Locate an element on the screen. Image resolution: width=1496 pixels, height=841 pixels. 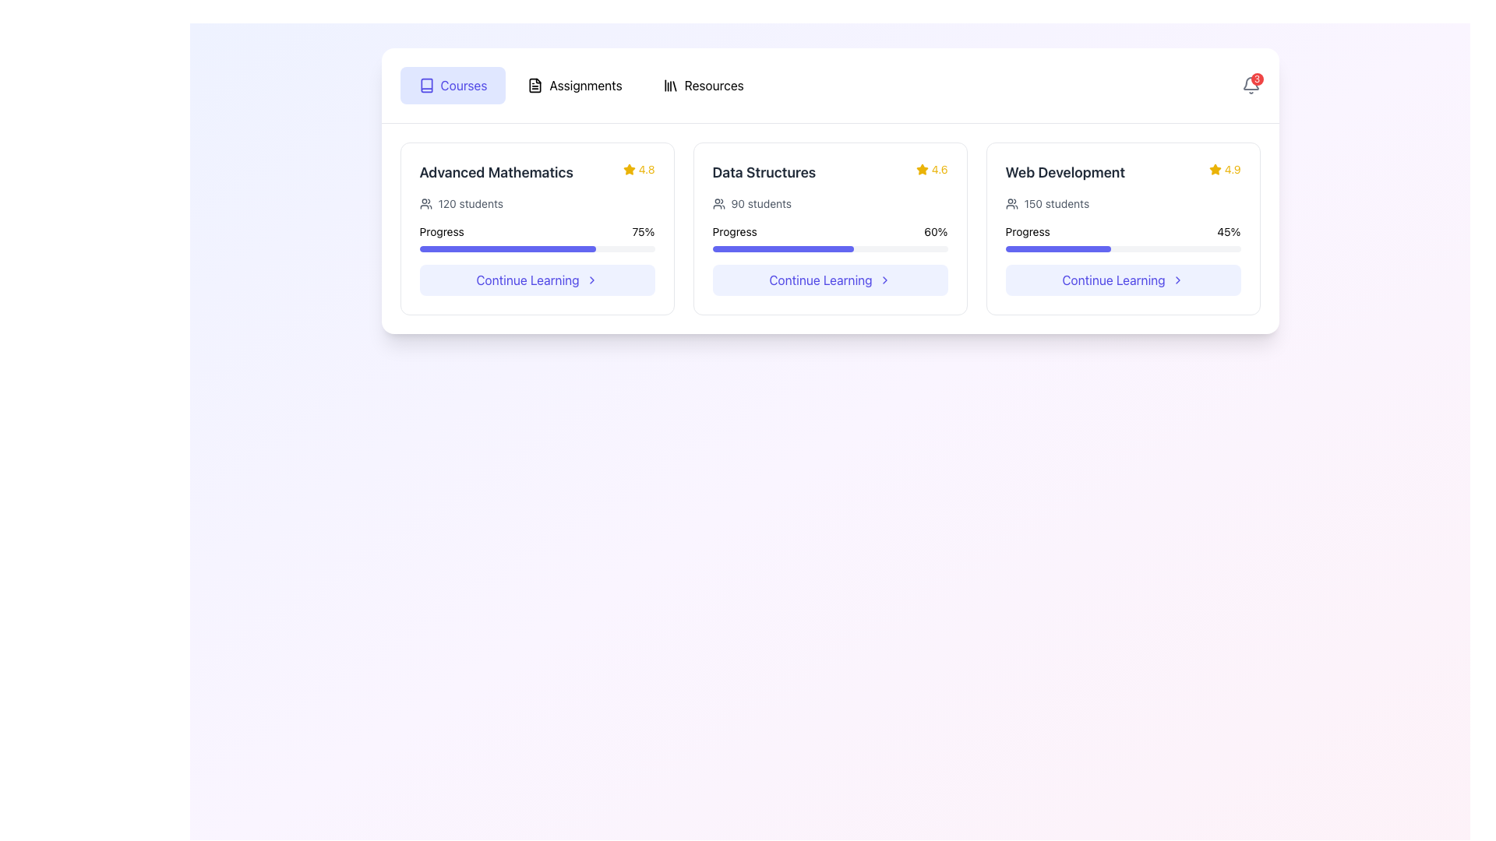
the Information Display Component that shows '150 students' and 'Progress 45%' located in the 'Web Development' card is located at coordinates (1123, 224).